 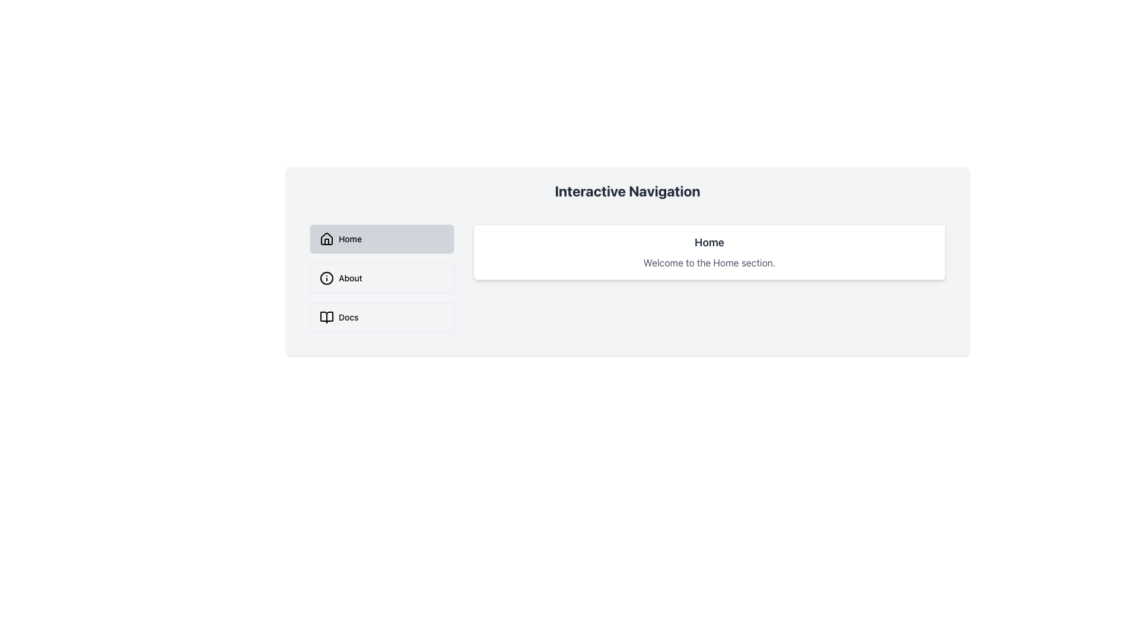 What do you see at coordinates (381, 239) in the screenshot?
I see `the 'Home' button, which is the first item in the vertical group of navigation buttons on the left section of the interface, styled with a rounded rectangular shape and a gray background` at bounding box center [381, 239].